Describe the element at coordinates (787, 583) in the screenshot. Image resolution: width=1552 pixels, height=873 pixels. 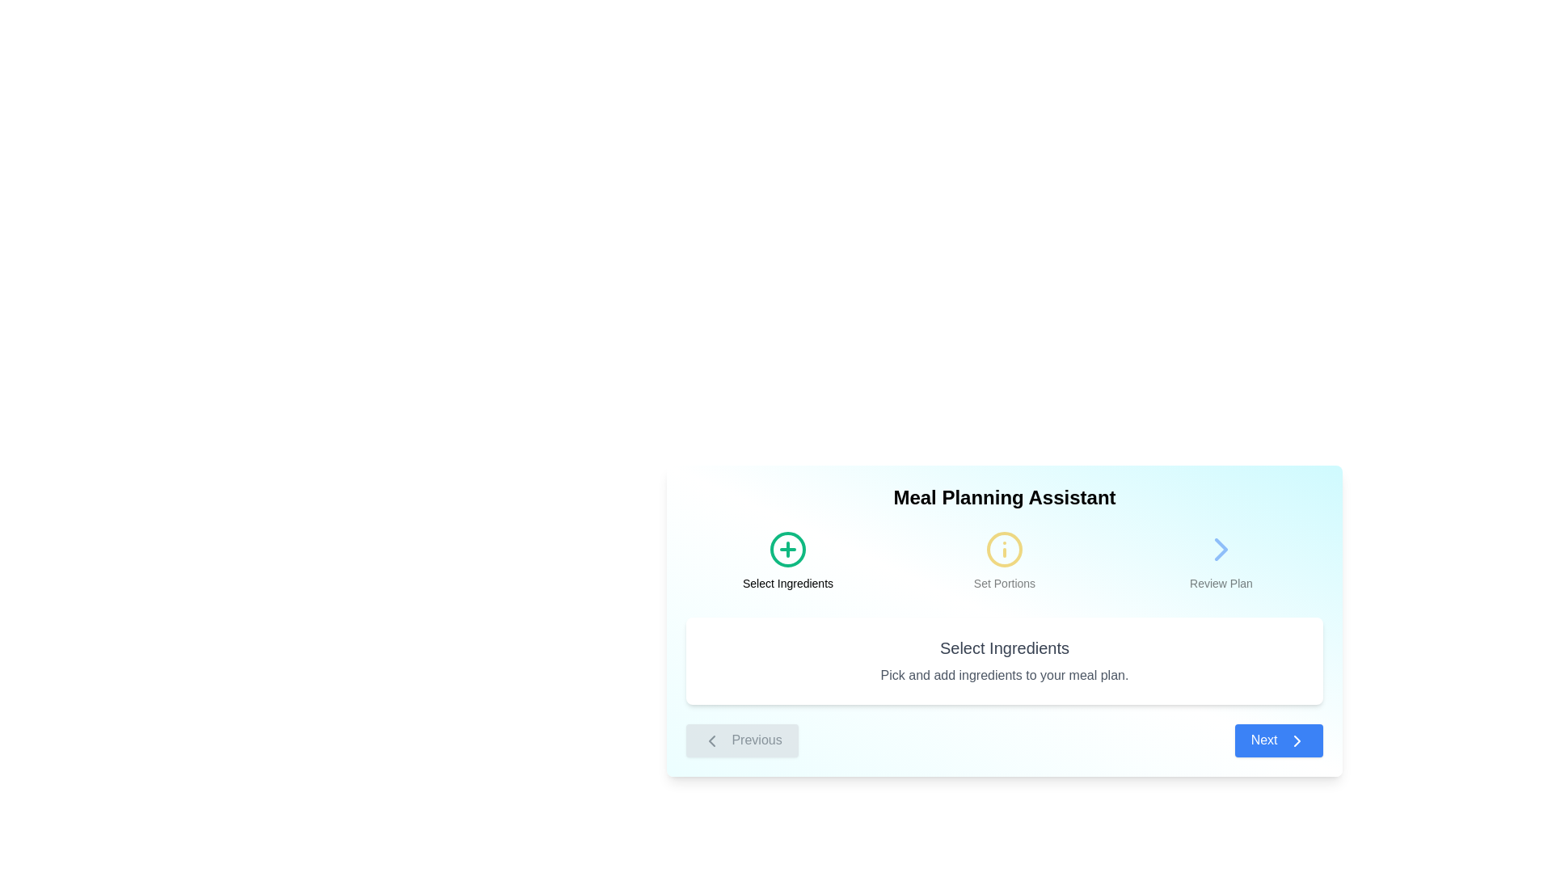
I see `the 'Select Ingredients' text label, which is styled in a small, bold font and located directly below a green circular plus icon` at that location.